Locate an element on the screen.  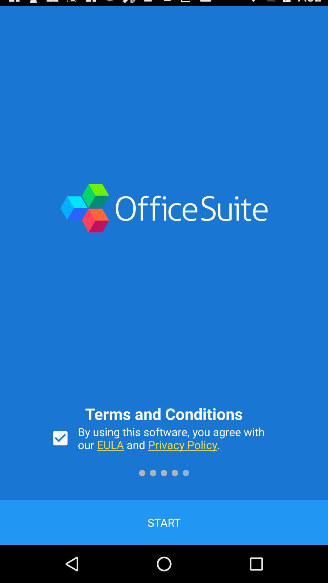
by using this icon is located at coordinates (177, 438).